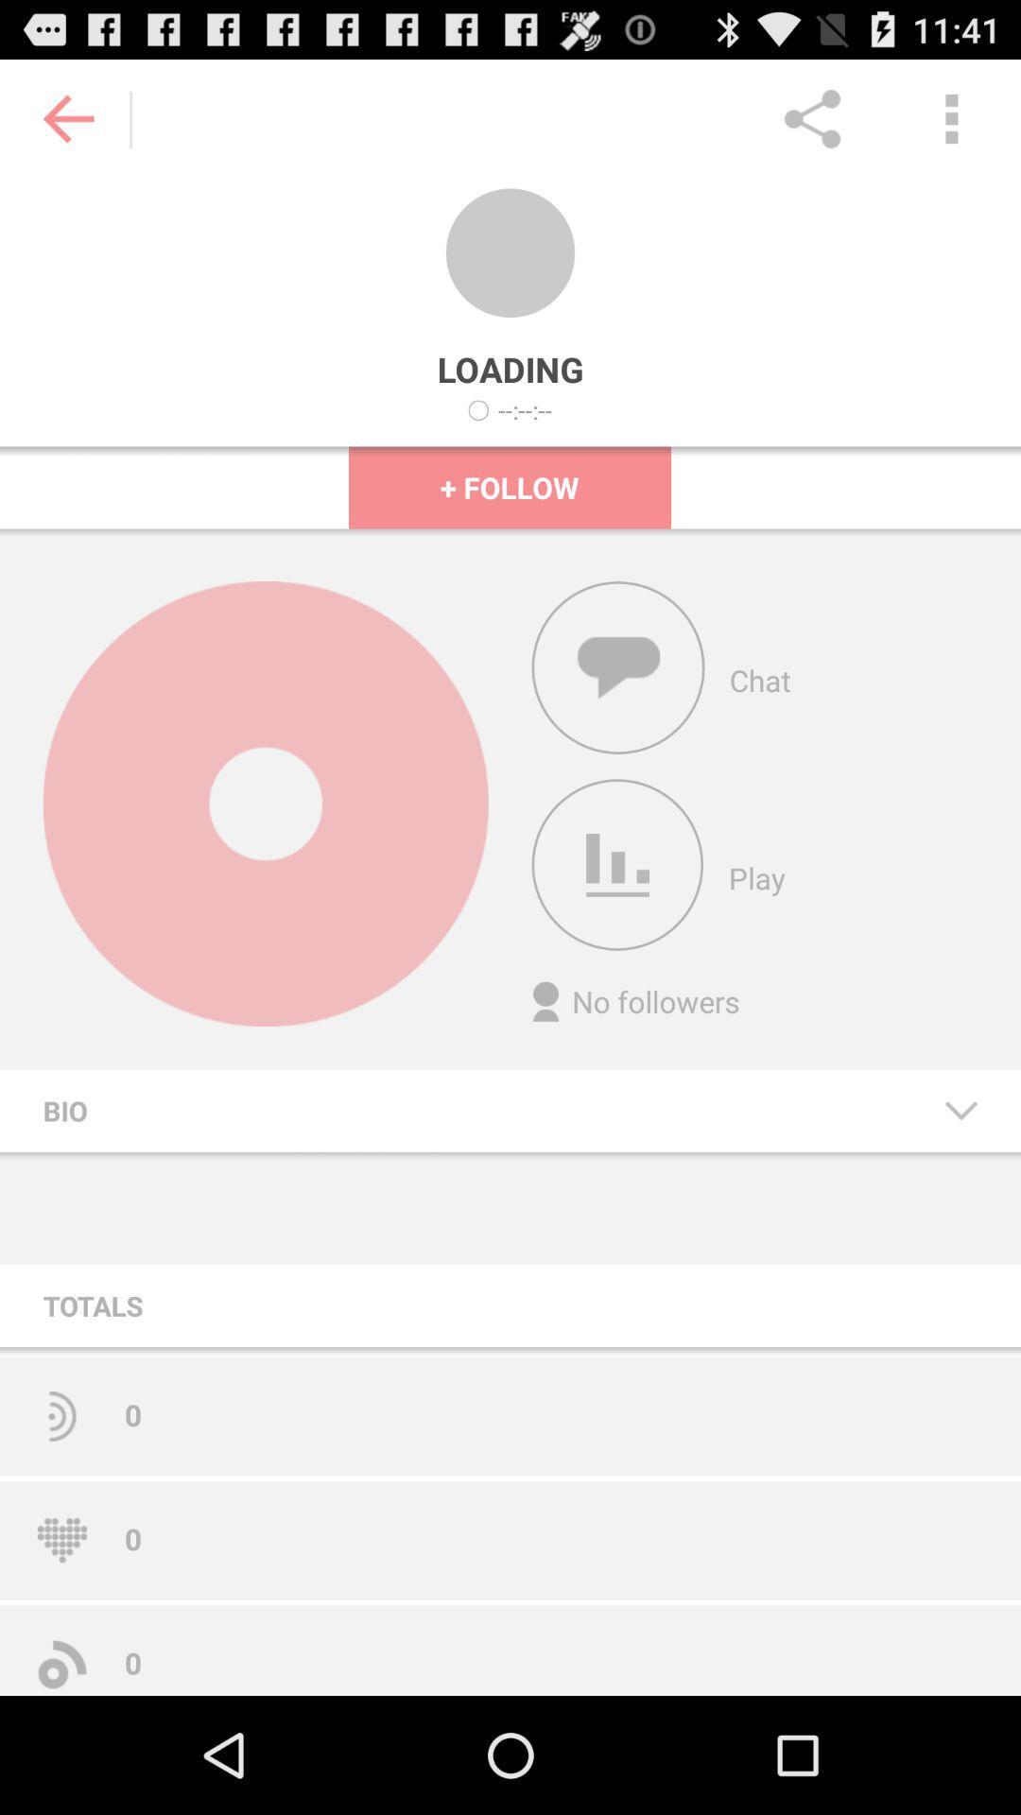 This screenshot has height=1815, width=1021. What do you see at coordinates (961, 1111) in the screenshot?
I see `the item next to bio icon` at bounding box center [961, 1111].